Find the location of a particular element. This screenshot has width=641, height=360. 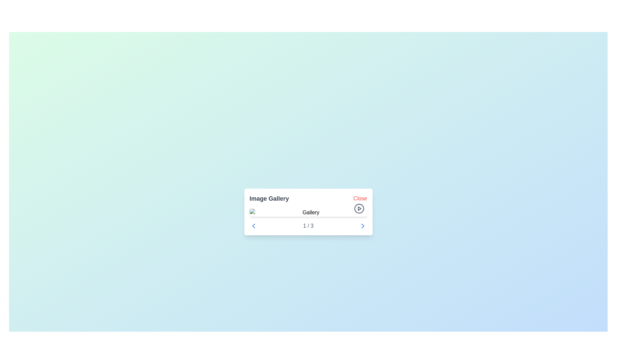

the small chevron-shaped blue arrow icon in the navigation bar, located immediately to the right of the text label '1 / 3' is located at coordinates (363, 226).